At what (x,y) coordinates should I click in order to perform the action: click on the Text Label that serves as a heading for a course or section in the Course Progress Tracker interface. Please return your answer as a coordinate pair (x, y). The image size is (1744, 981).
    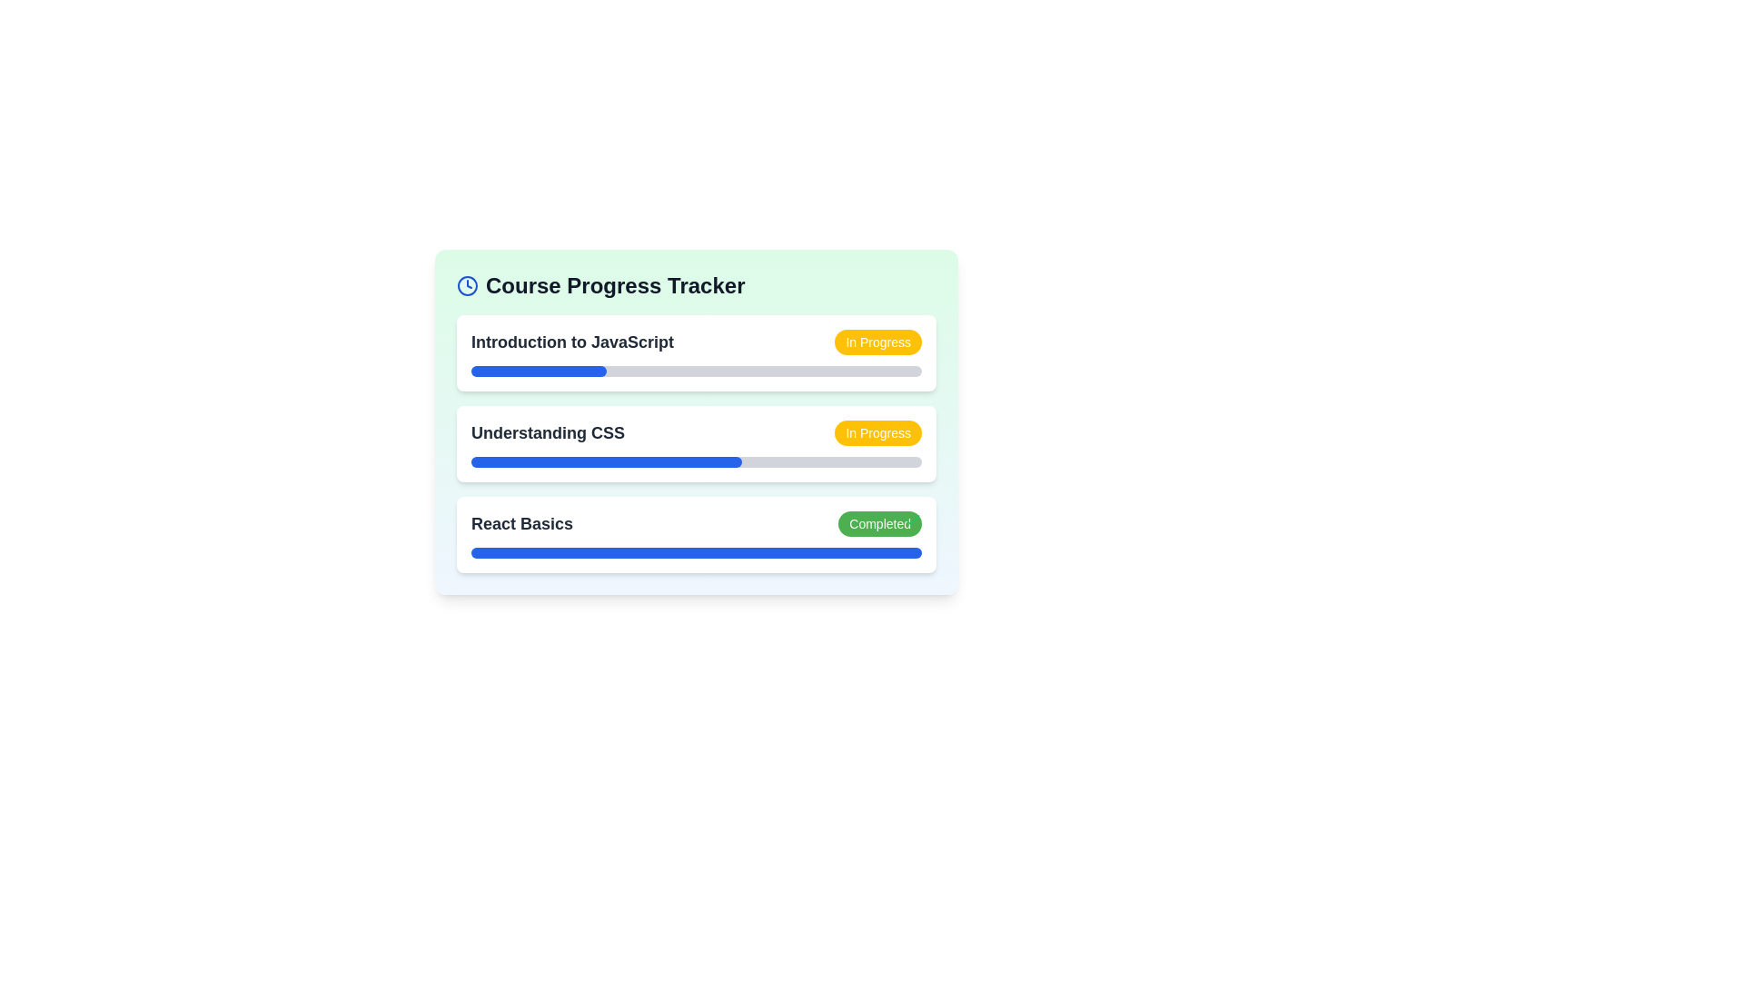
    Looking at the image, I should click on (547, 433).